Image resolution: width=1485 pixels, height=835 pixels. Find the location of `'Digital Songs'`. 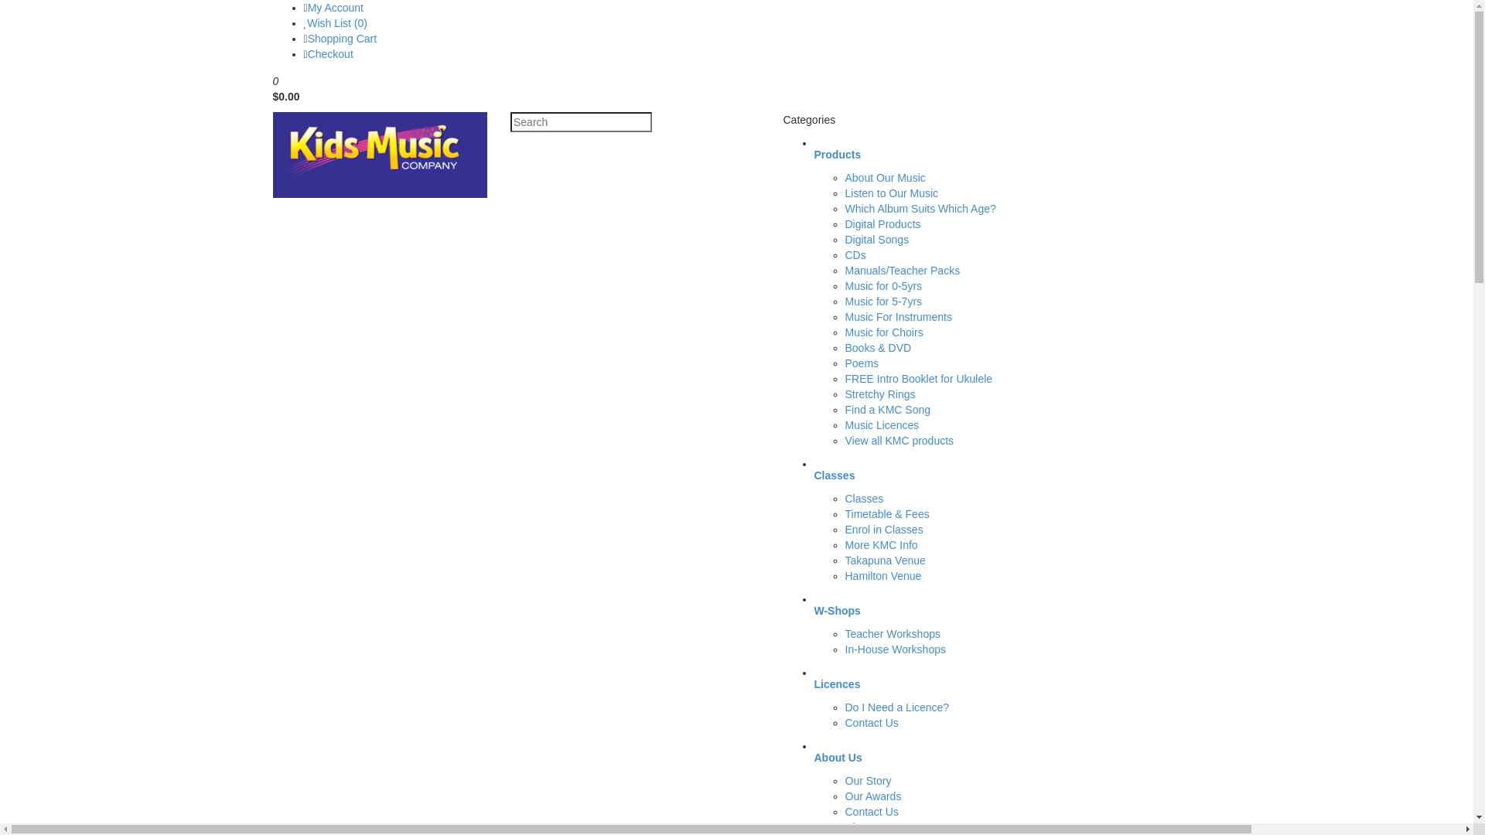

'Digital Songs' is located at coordinates (843, 239).